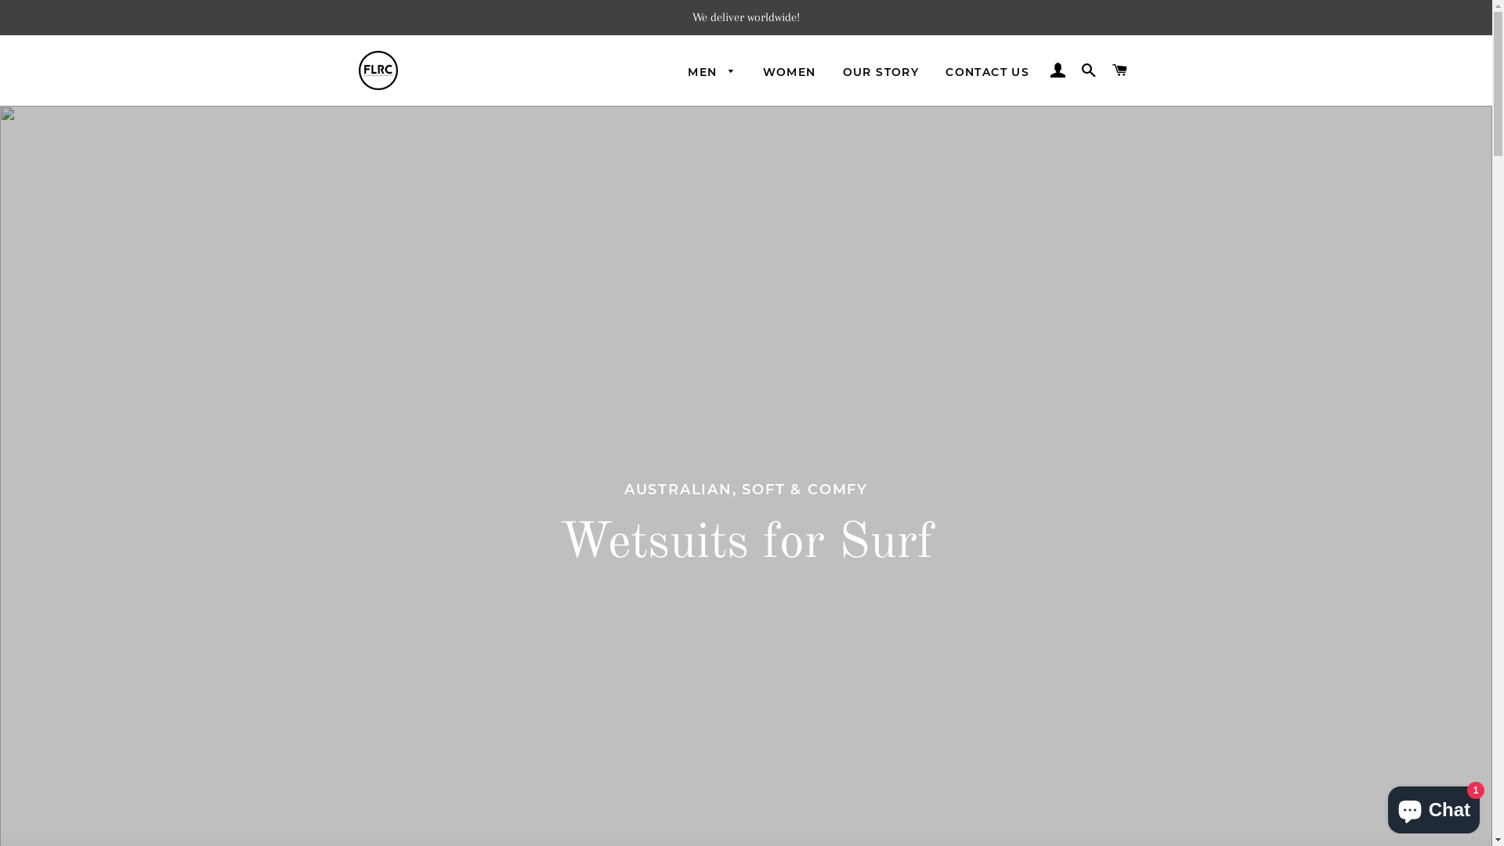  What do you see at coordinates (1088, 69) in the screenshot?
I see `'SEARCH'` at bounding box center [1088, 69].